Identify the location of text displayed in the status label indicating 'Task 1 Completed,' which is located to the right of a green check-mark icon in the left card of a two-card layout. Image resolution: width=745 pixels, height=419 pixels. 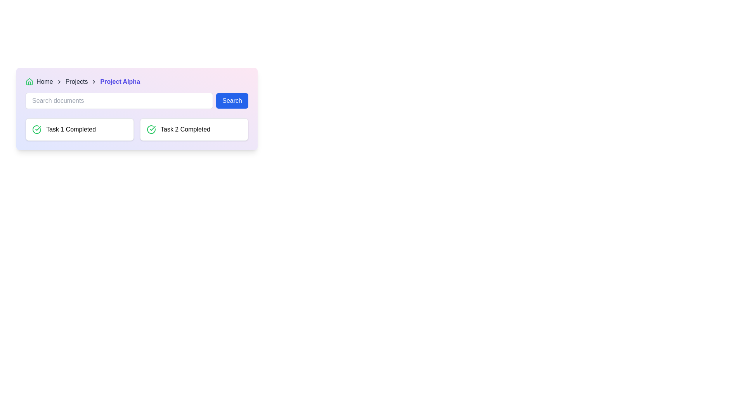
(71, 129).